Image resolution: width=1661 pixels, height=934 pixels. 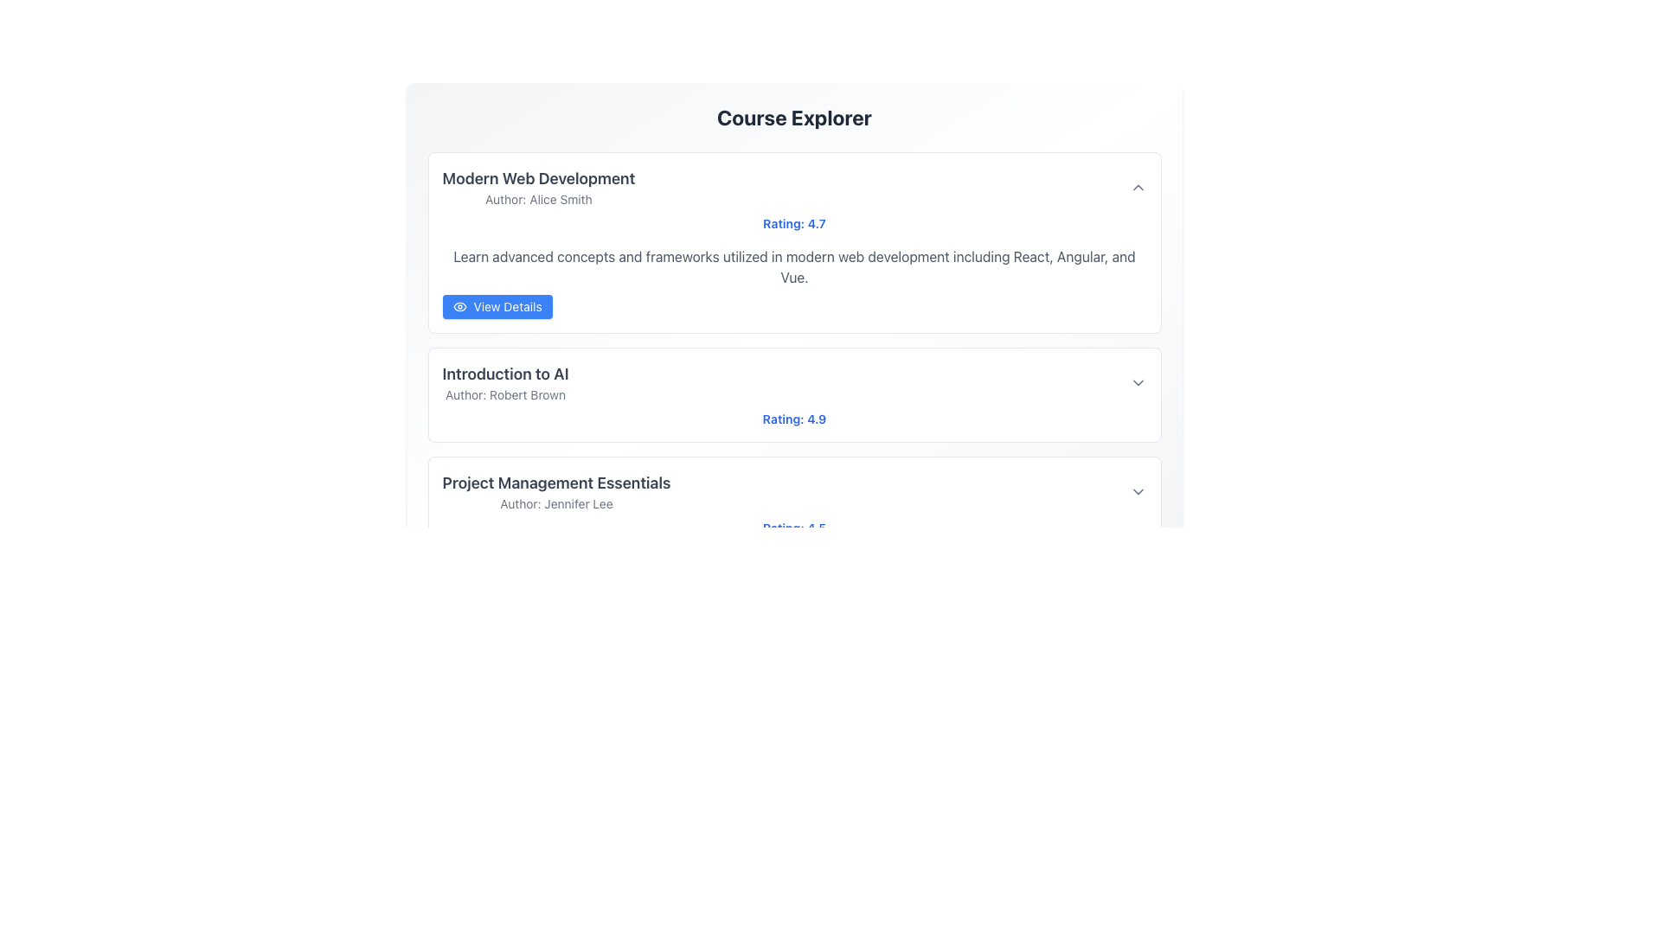 What do you see at coordinates (504, 394) in the screenshot?
I see `static text label displaying 'Author: Robert Brown', which is positioned below the heading 'Introduction to AI' in the Course Explorer interface` at bounding box center [504, 394].